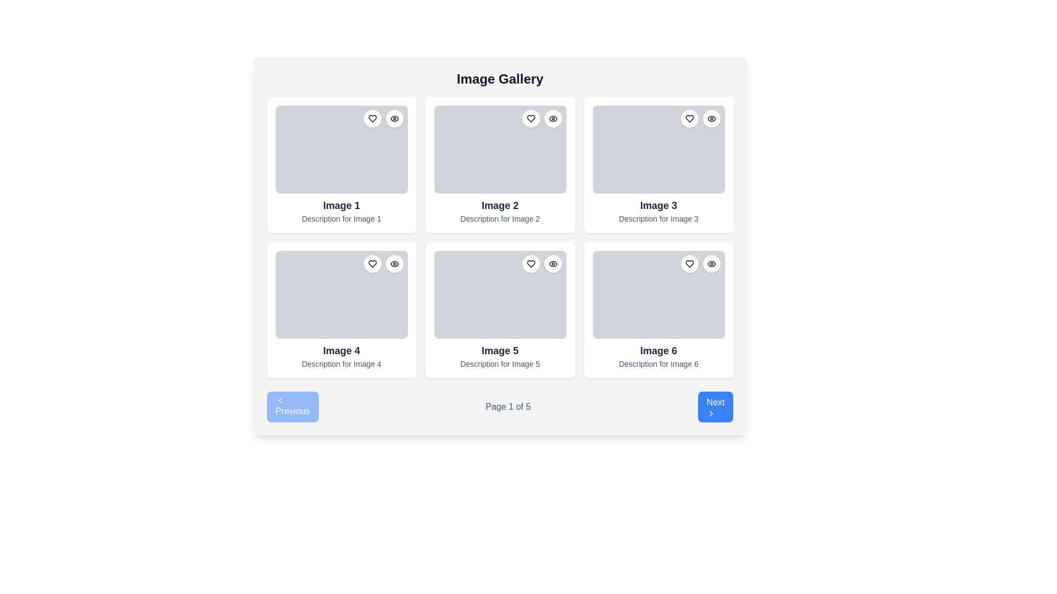 The image size is (1057, 594). I want to click on the circular button with a white background and an eye symbol in the center located in the upper-right corner of the fifth image in the second row of the image gallery, so click(553, 263).